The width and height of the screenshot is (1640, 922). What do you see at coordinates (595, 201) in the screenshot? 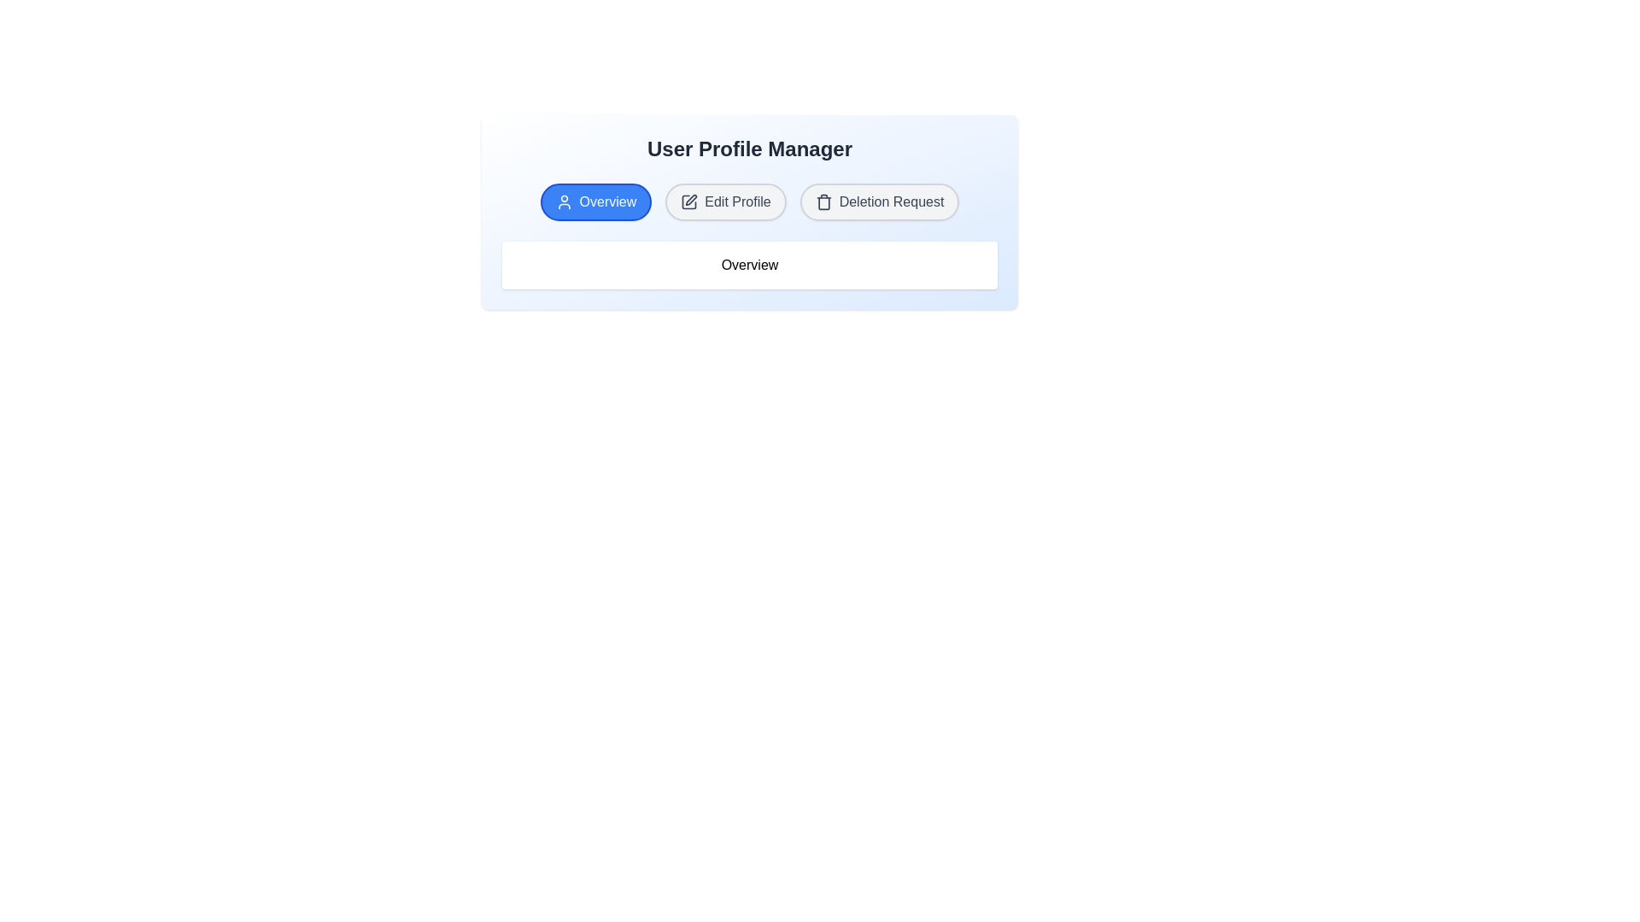
I see `the Overview tab by clicking its label` at bounding box center [595, 201].